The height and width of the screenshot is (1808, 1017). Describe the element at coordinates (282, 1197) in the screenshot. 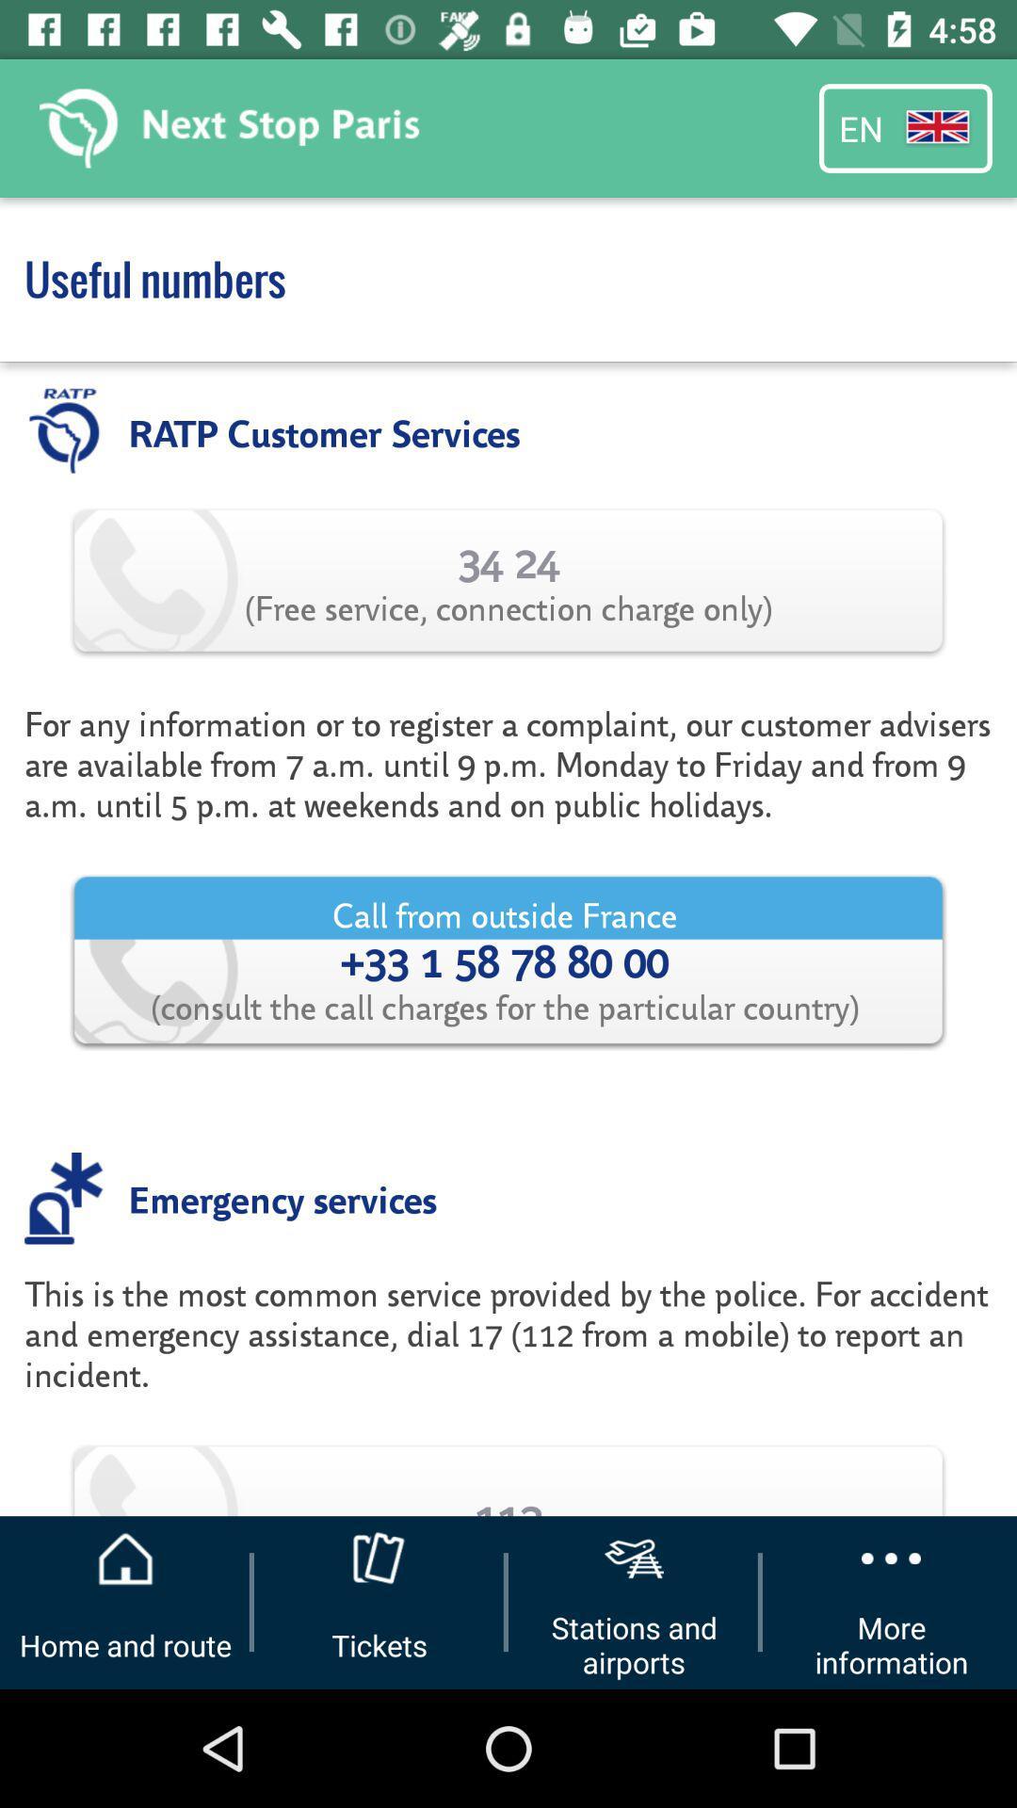

I see `icon above this is the icon` at that location.